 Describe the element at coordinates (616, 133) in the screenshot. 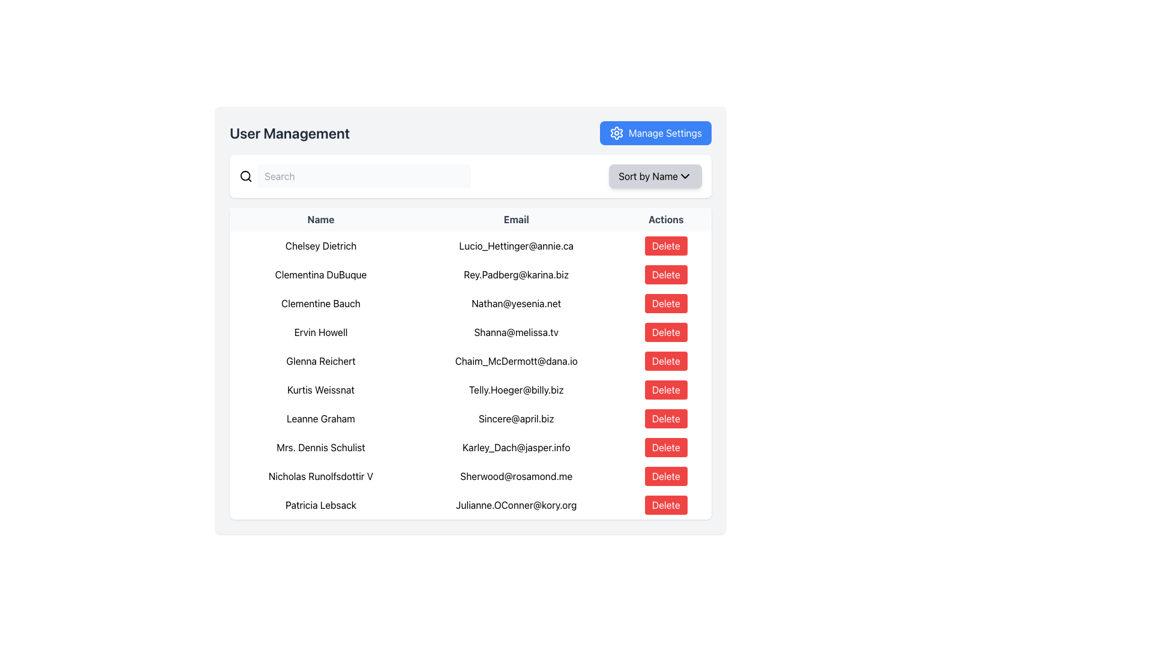

I see `the gear icon located on the left side of the blue button labeled 'Manage Settings'` at that location.